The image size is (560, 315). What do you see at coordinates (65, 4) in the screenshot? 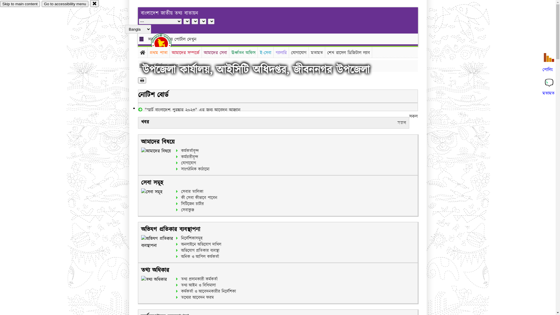
I see `'Go to accessibility menu'` at bounding box center [65, 4].